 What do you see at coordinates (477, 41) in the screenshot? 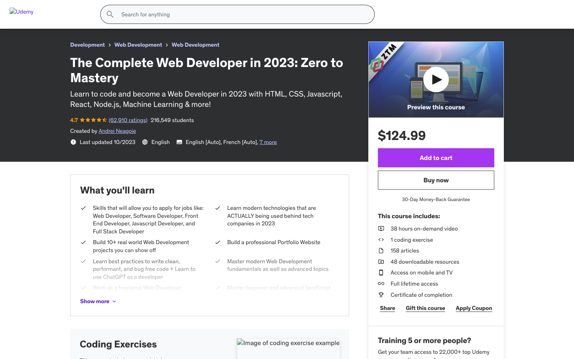
I see `and choose the first most discussed topic` at bounding box center [477, 41].